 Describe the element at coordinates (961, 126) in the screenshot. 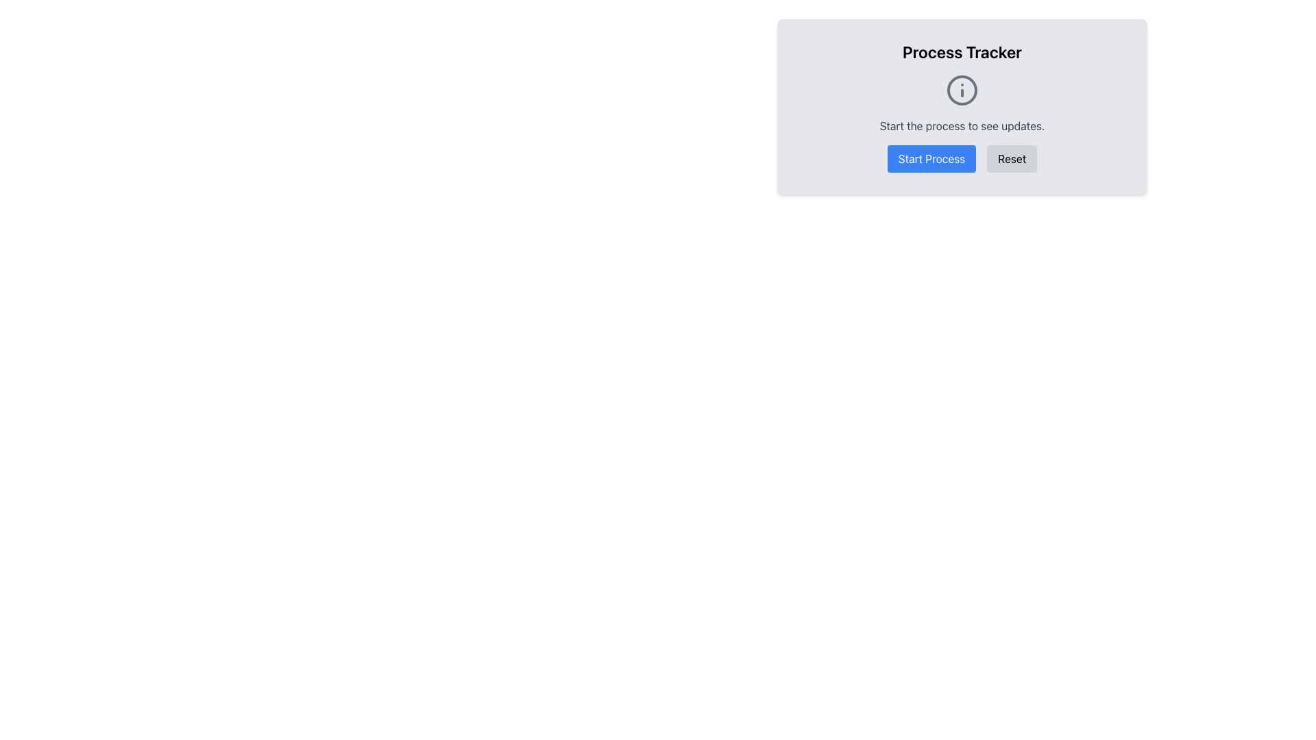

I see `the Text label that informs the user about initiating an action to observe progress, located directly below a circular icon and above the 'Start Process' and 'Reset' buttons` at that location.